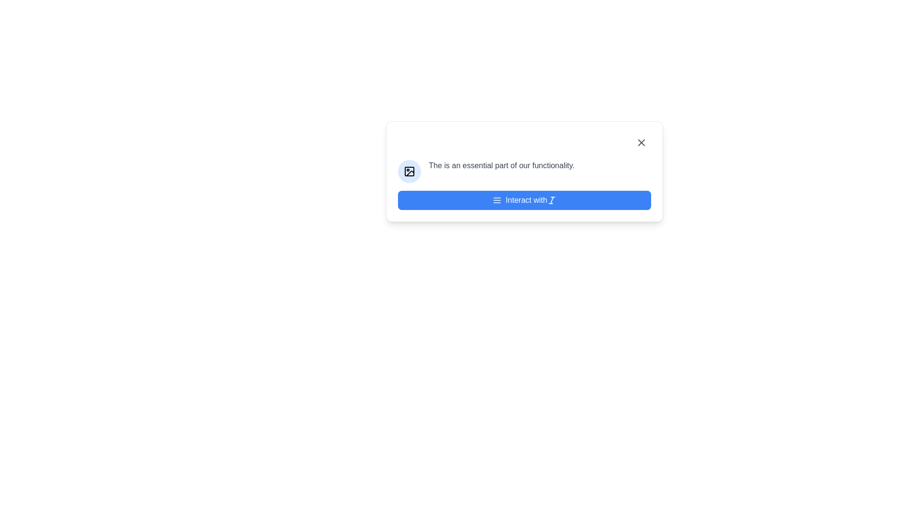  Describe the element at coordinates (497, 199) in the screenshot. I see `the Menu icon located on the blue button labeled 'Interact with', which is positioned to the left of the button text and another icon` at that location.